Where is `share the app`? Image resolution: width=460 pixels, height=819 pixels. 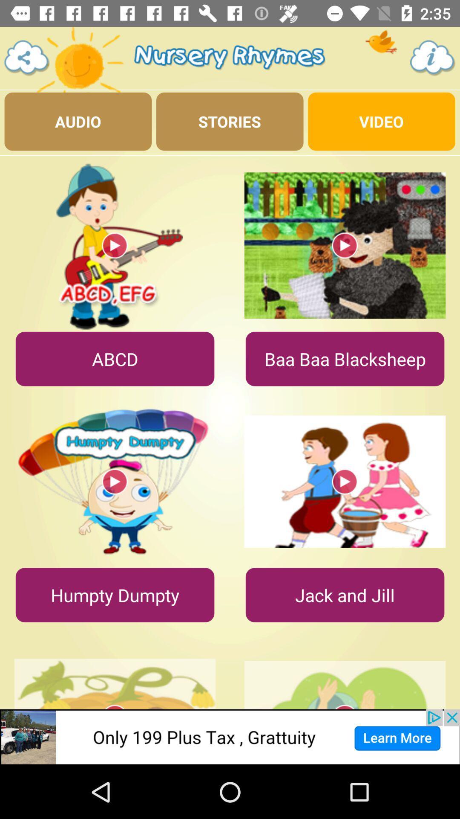
share the app is located at coordinates (26, 58).